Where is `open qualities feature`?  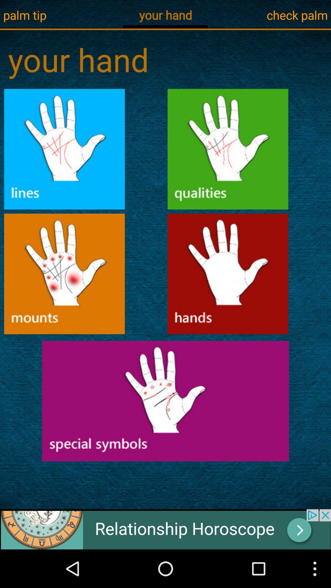
open qualities feature is located at coordinates (228, 149).